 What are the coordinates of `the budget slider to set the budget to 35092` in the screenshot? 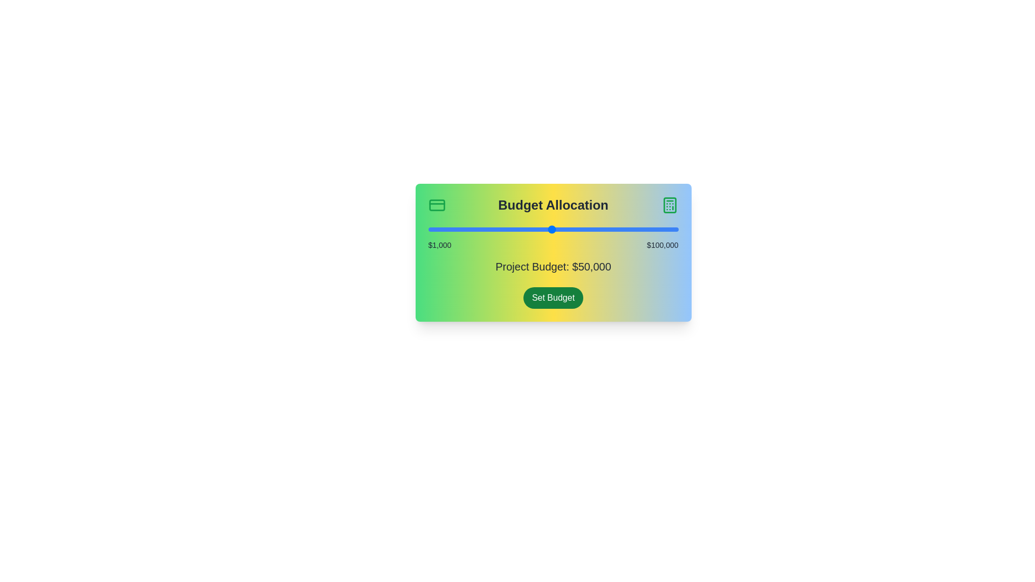 It's located at (514, 228).